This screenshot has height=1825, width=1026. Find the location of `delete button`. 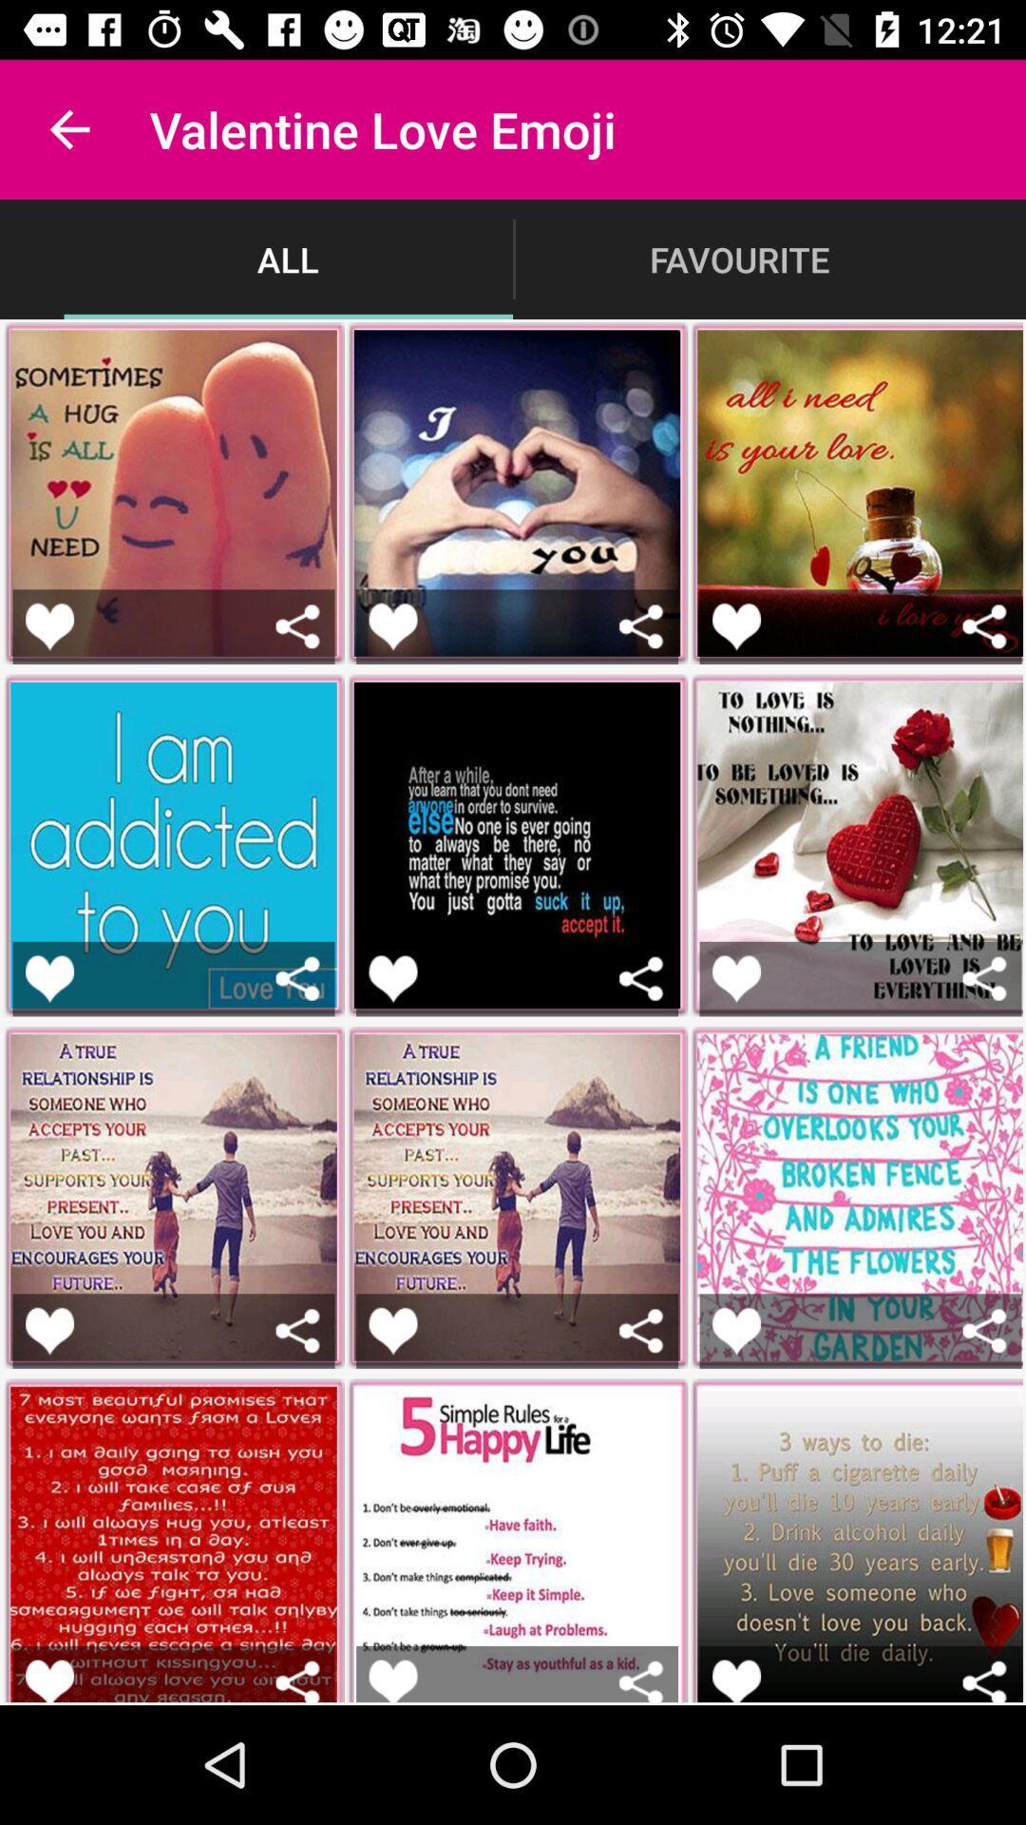

delete button is located at coordinates (983, 1681).